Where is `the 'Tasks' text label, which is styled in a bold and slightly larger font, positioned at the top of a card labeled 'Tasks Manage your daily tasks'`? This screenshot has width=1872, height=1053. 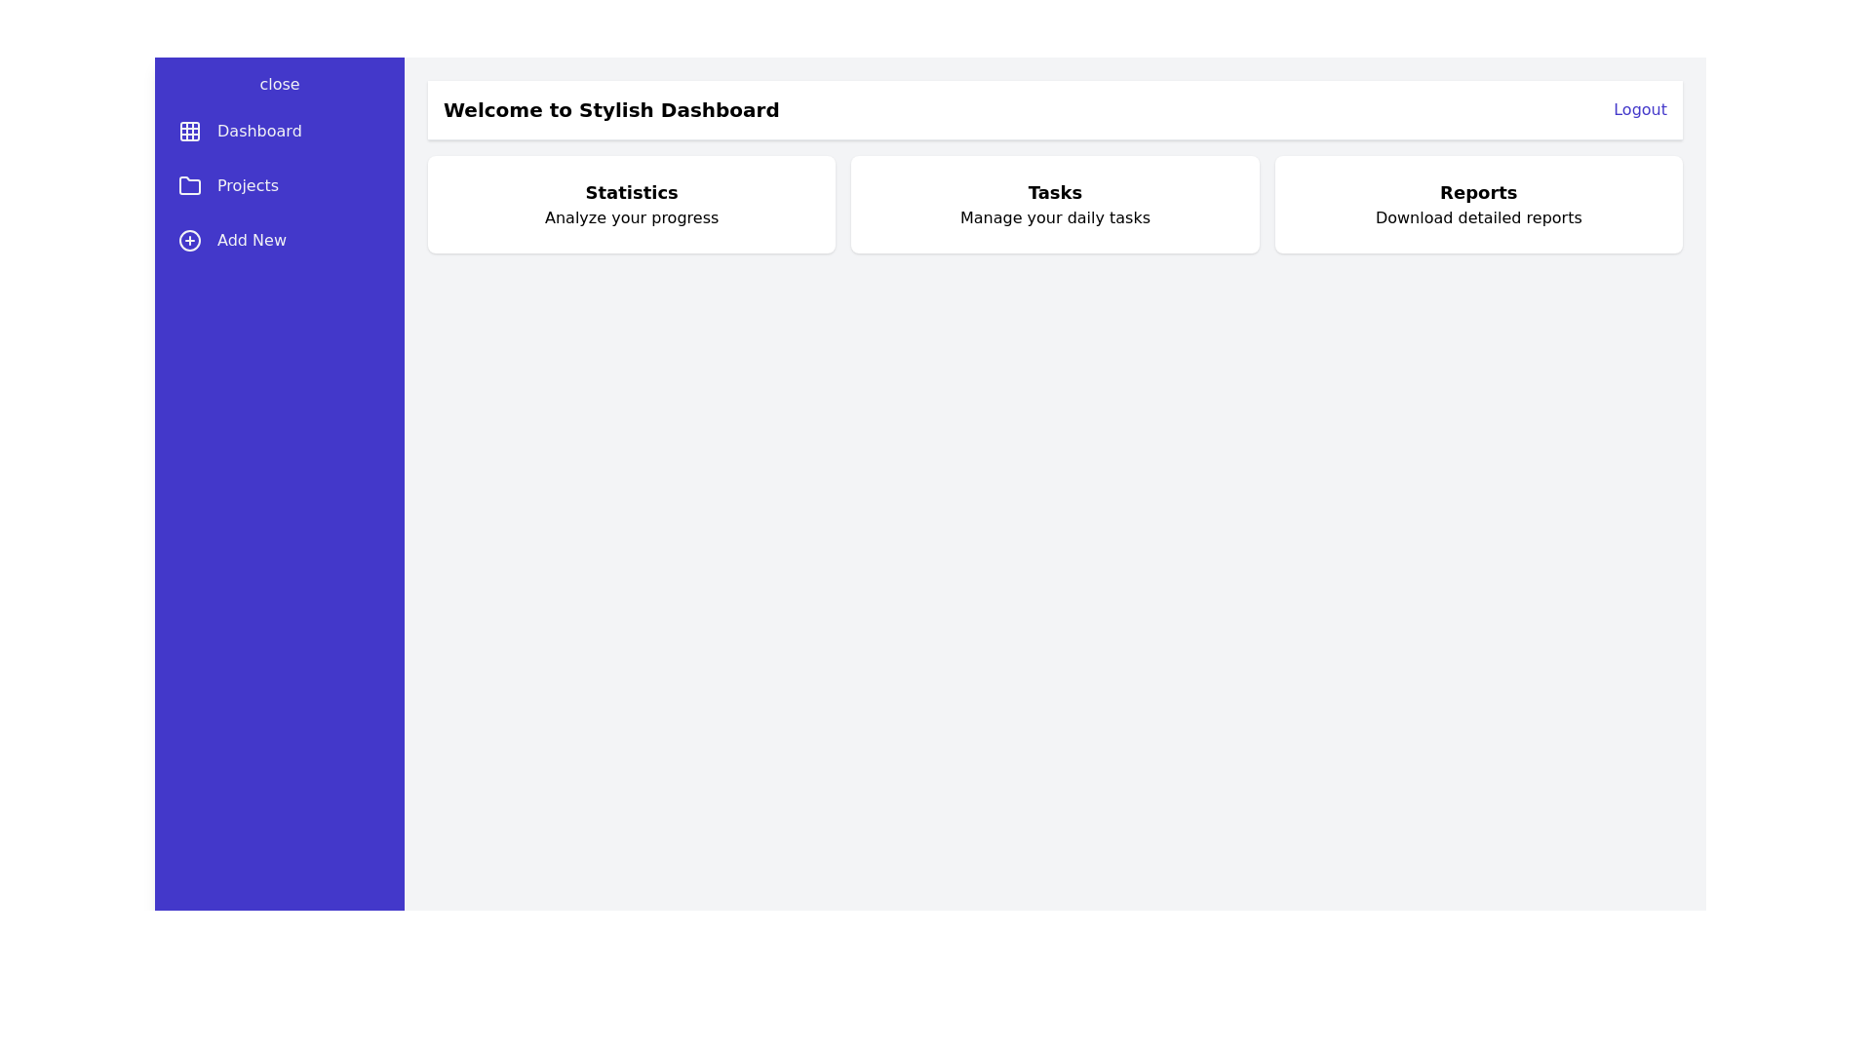
the 'Tasks' text label, which is styled in a bold and slightly larger font, positioned at the top of a card labeled 'Tasks Manage your daily tasks' is located at coordinates (1054, 192).